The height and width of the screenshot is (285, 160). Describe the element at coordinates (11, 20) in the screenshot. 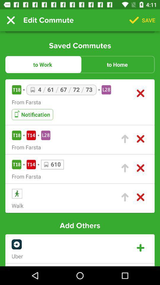

I see `icon to the left of edit commute` at that location.